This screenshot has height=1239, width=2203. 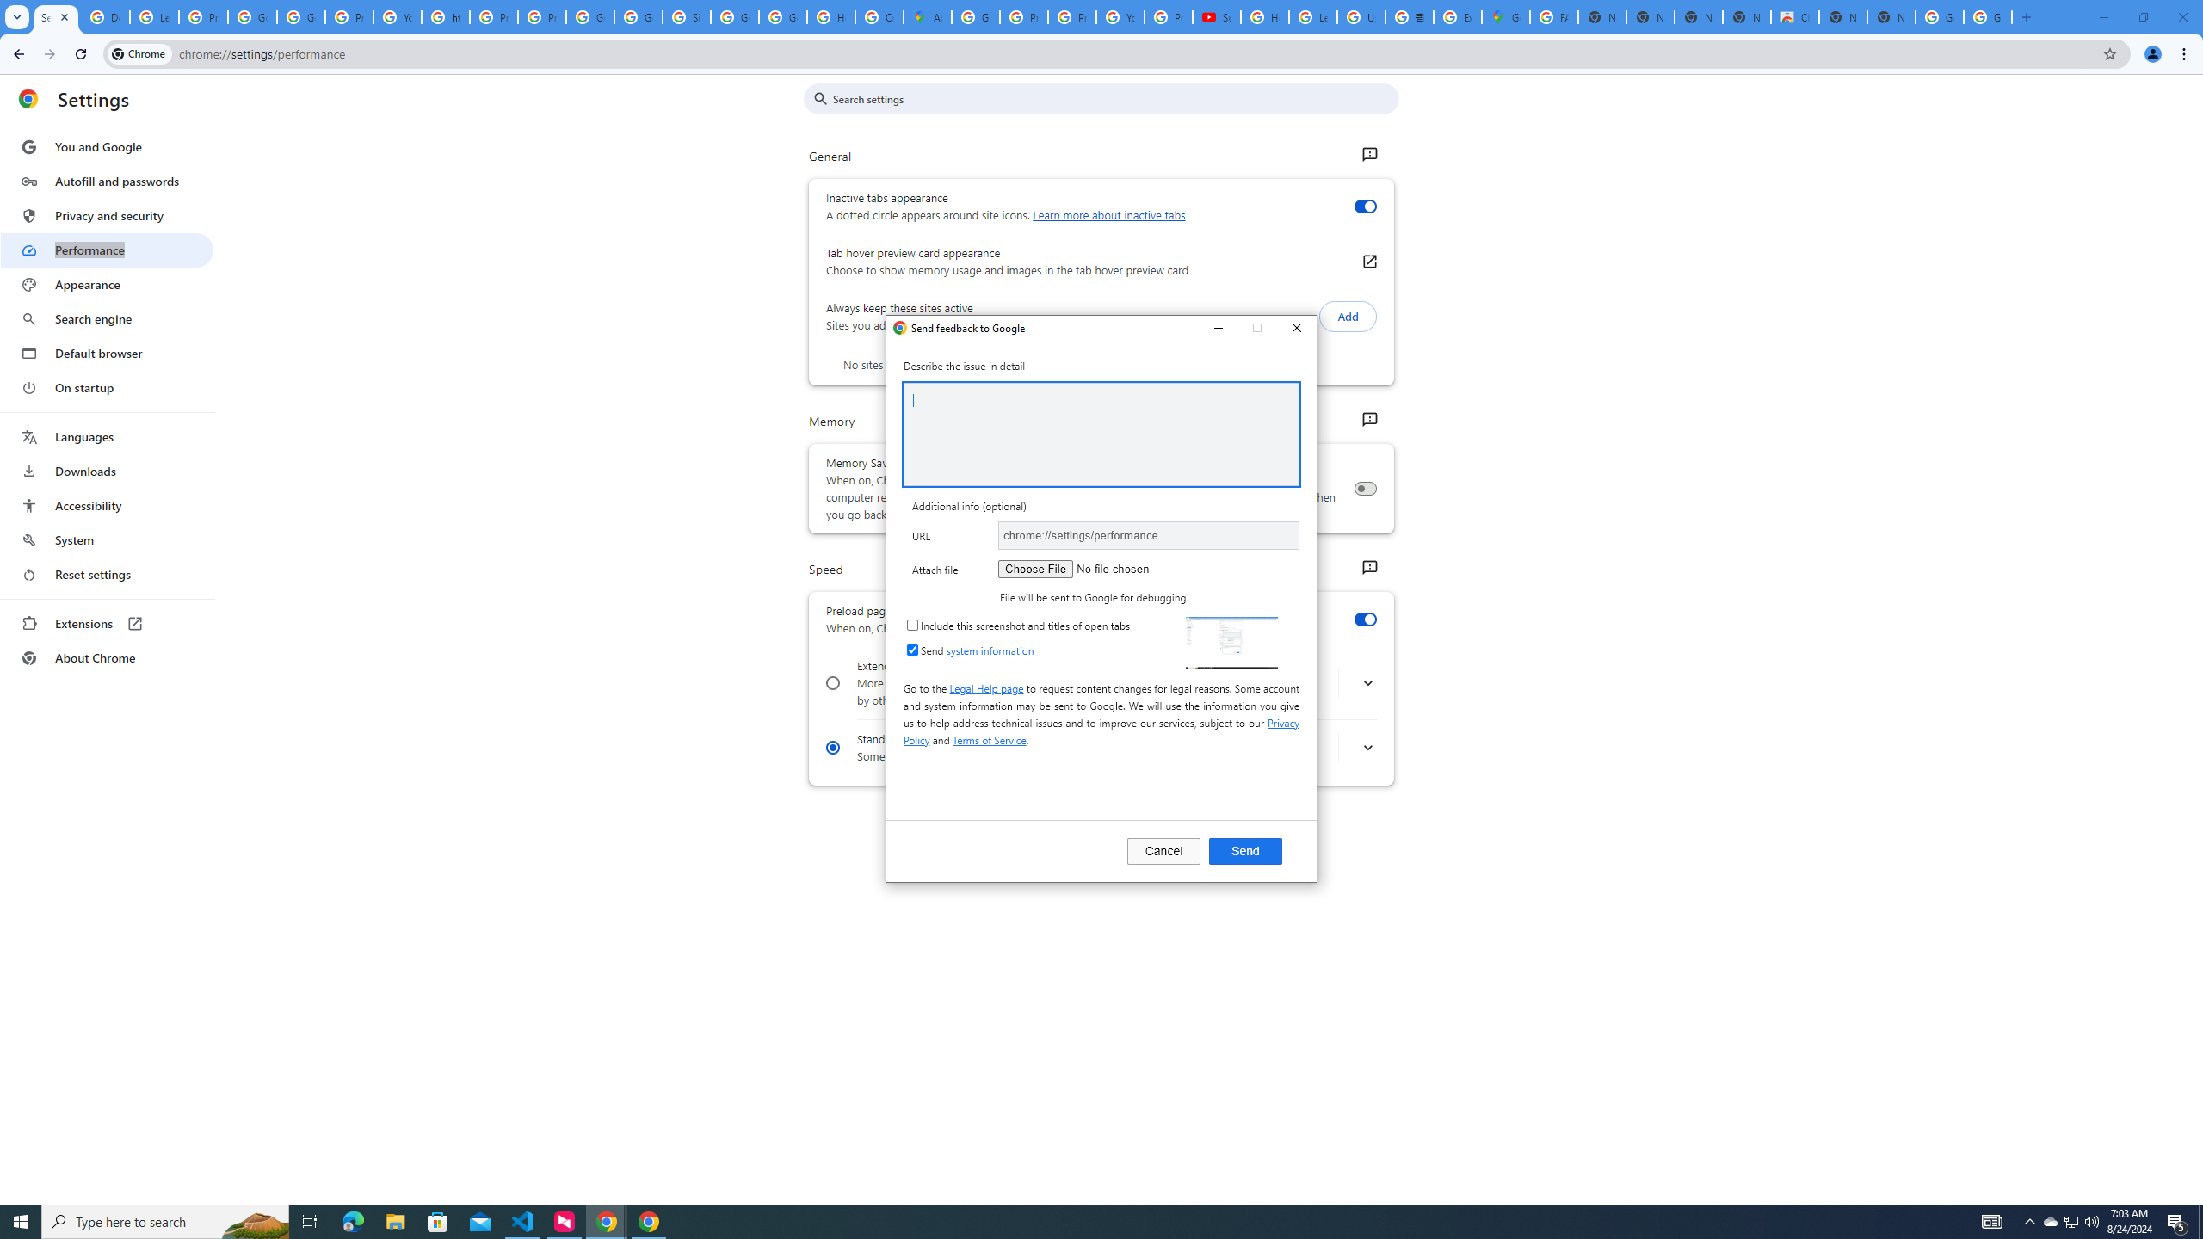 I want to click on 'Microsoft Store', so click(x=438, y=1220).